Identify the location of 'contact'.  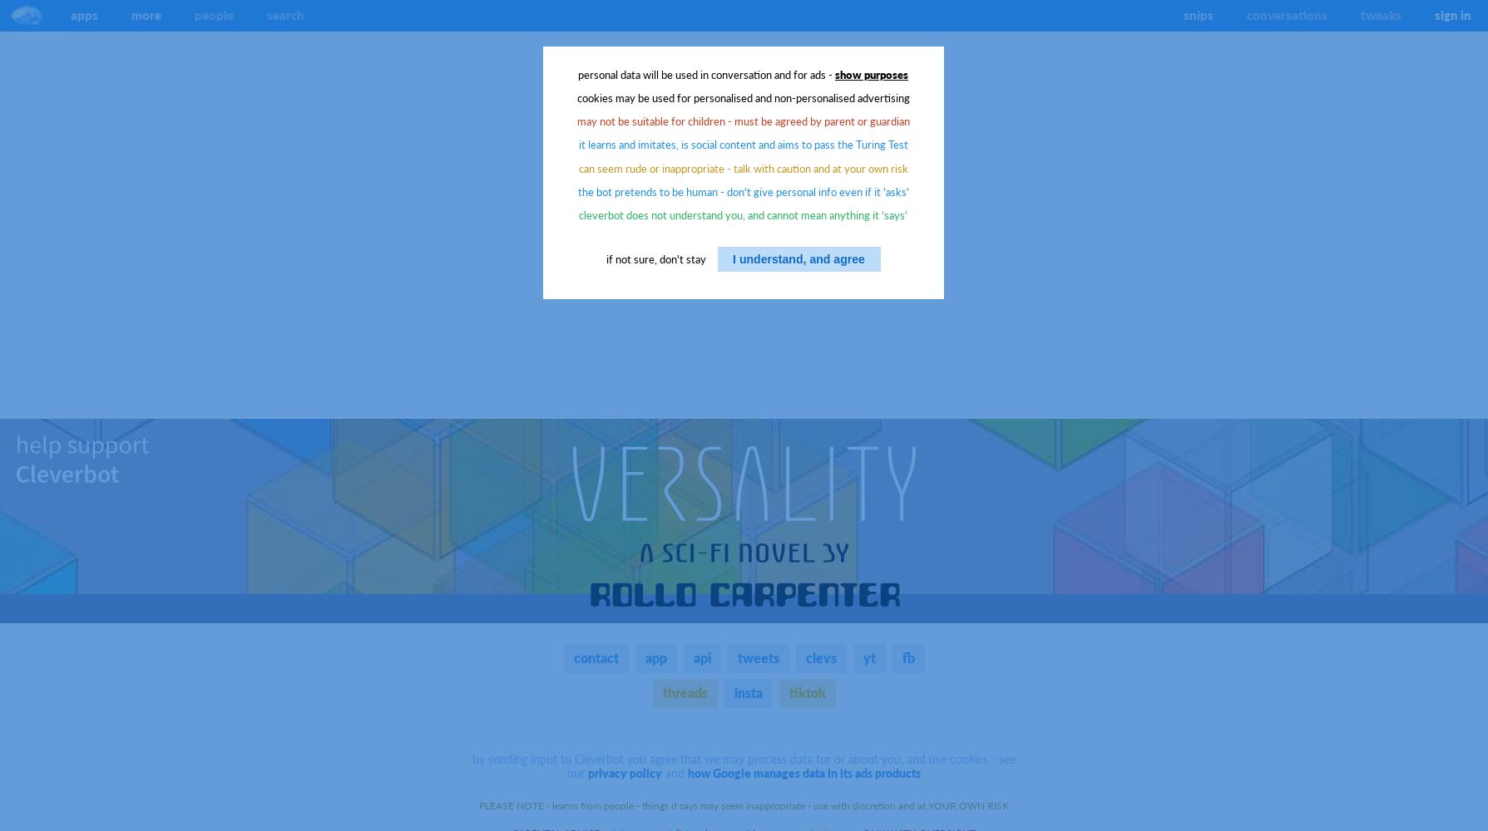
(595, 656).